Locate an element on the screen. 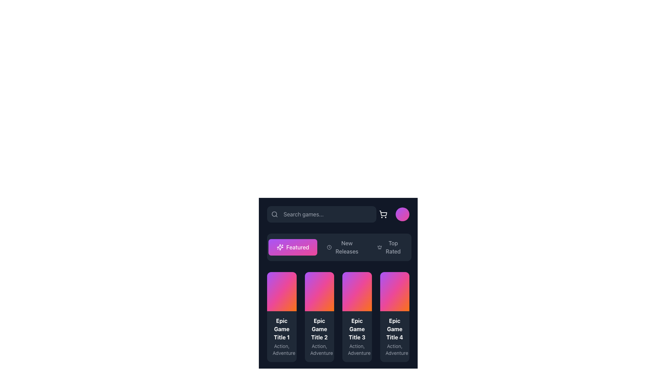  the text and informational component of the second game card in the horizontally-aligned group, which provides information about the game's title and genres is located at coordinates (319, 336).